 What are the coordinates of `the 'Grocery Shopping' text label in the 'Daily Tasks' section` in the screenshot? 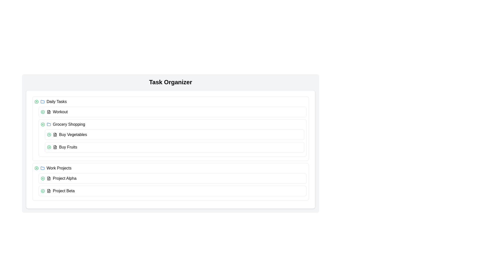 It's located at (69, 124).